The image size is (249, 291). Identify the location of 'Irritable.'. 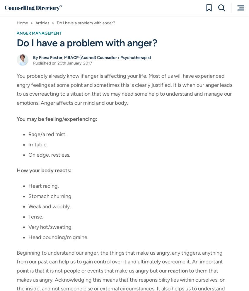
(38, 145).